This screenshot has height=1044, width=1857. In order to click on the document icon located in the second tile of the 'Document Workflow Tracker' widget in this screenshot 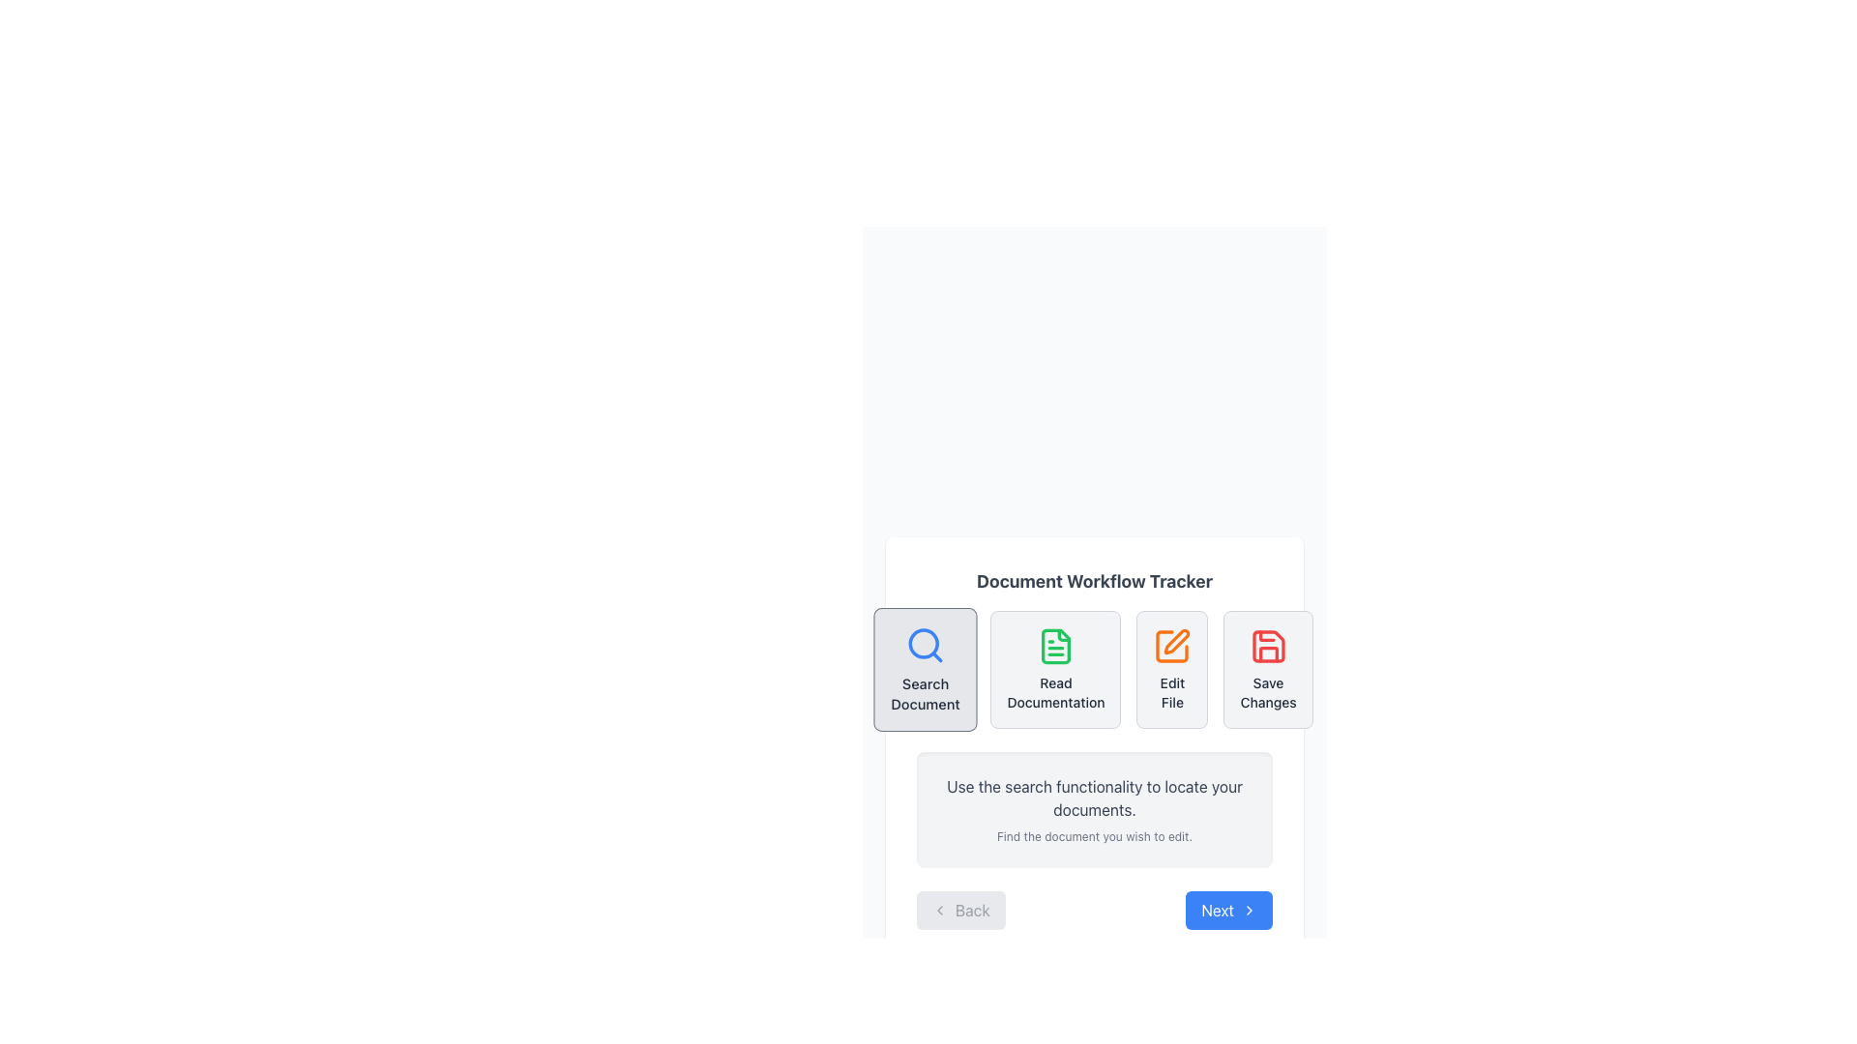, I will do `click(1054, 646)`.